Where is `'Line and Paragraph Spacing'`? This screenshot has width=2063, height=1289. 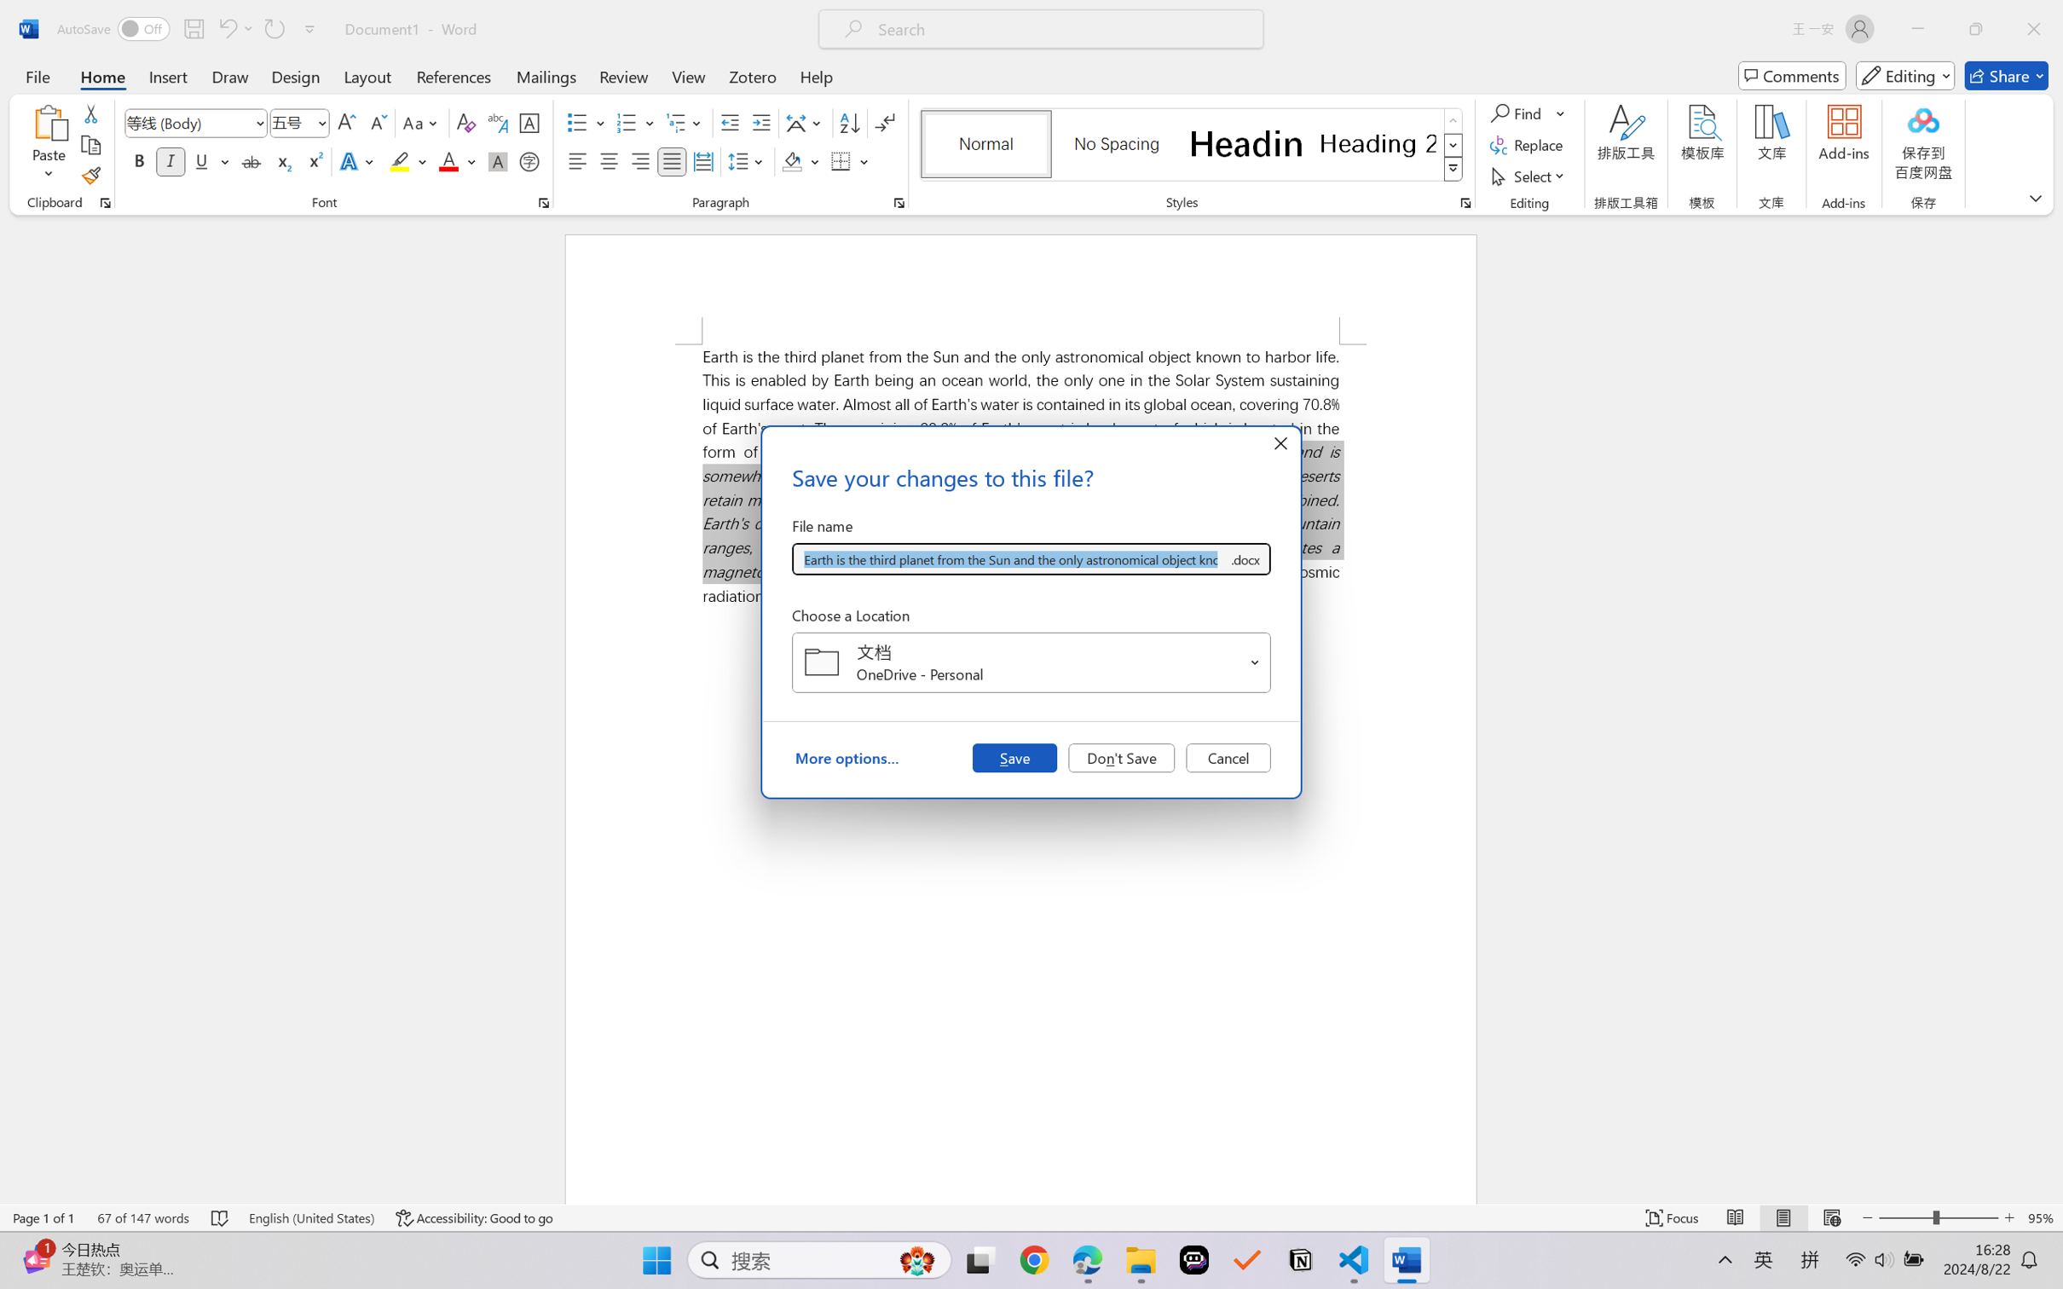 'Line and Paragraph Spacing' is located at coordinates (747, 160).